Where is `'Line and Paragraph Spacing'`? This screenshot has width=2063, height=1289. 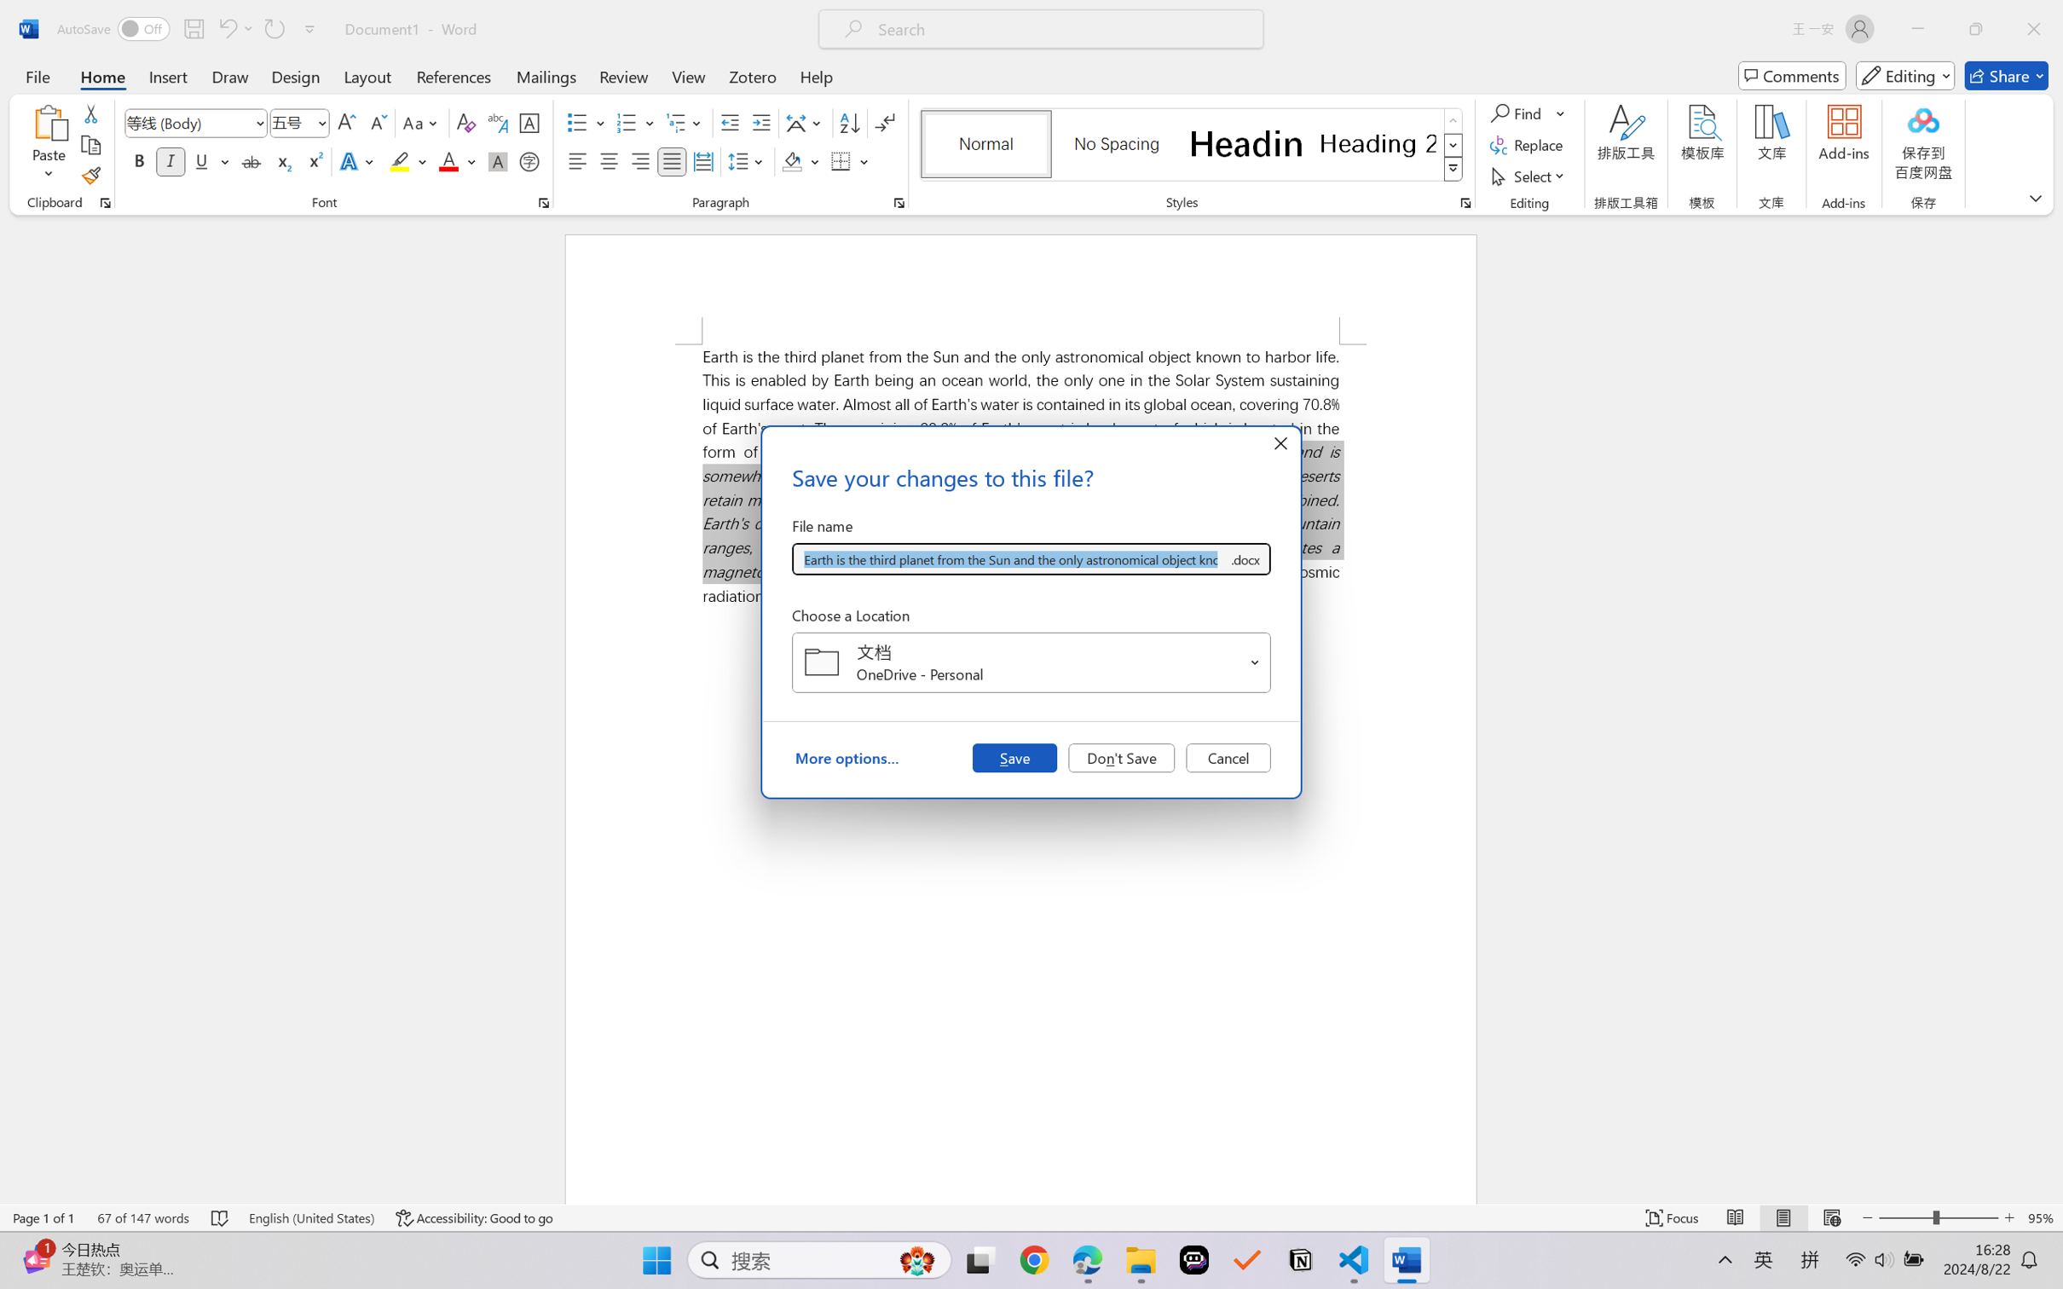 'Line and Paragraph Spacing' is located at coordinates (747, 160).